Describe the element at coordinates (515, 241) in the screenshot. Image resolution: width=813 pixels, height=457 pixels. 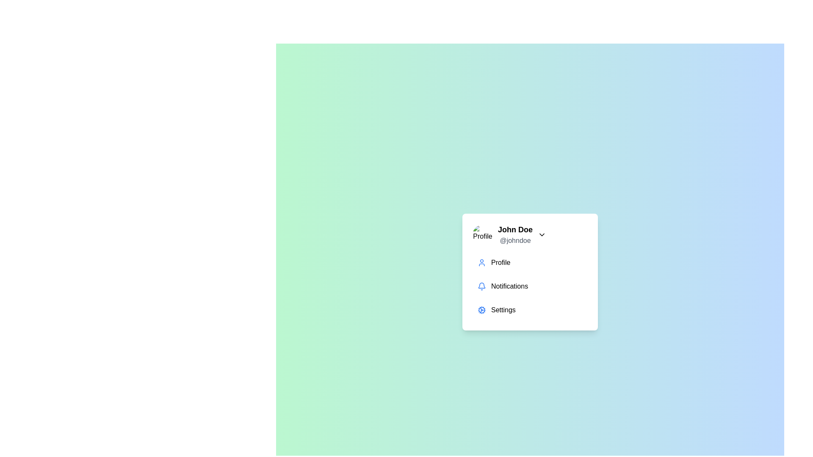
I see `the username text '@johndoe' to trigger an interaction` at that location.